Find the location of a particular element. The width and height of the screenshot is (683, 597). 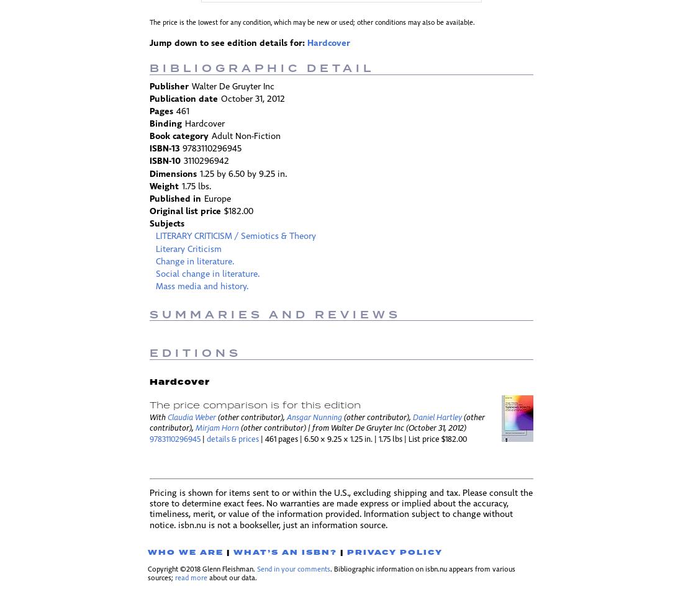

'With' is located at coordinates (158, 417).